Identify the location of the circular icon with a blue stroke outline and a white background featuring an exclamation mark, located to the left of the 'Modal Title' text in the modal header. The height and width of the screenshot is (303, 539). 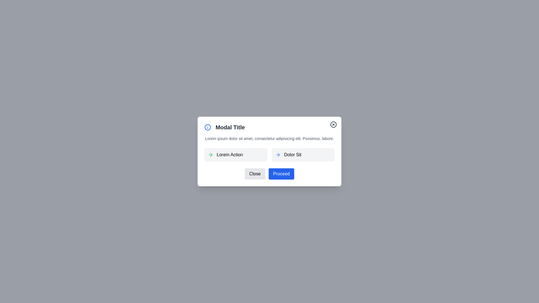
(207, 127).